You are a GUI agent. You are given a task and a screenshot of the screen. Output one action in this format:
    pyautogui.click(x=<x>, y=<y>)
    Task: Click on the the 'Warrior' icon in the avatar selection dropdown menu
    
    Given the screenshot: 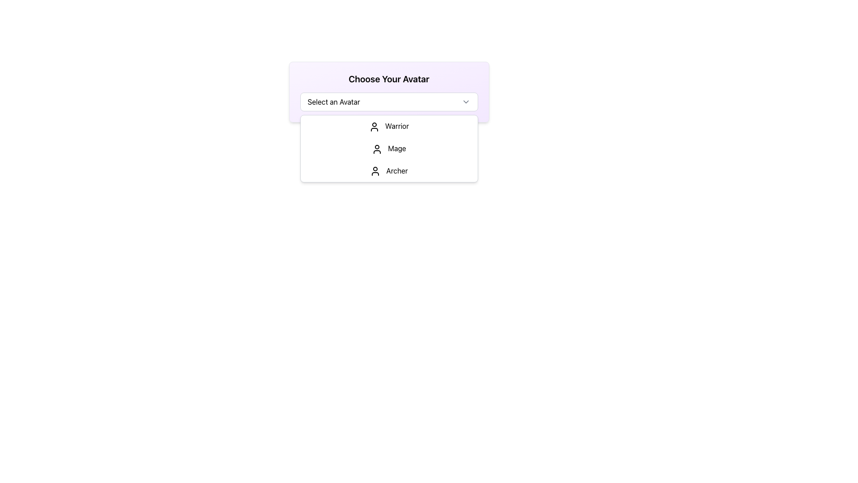 What is the action you would take?
    pyautogui.click(x=374, y=127)
    